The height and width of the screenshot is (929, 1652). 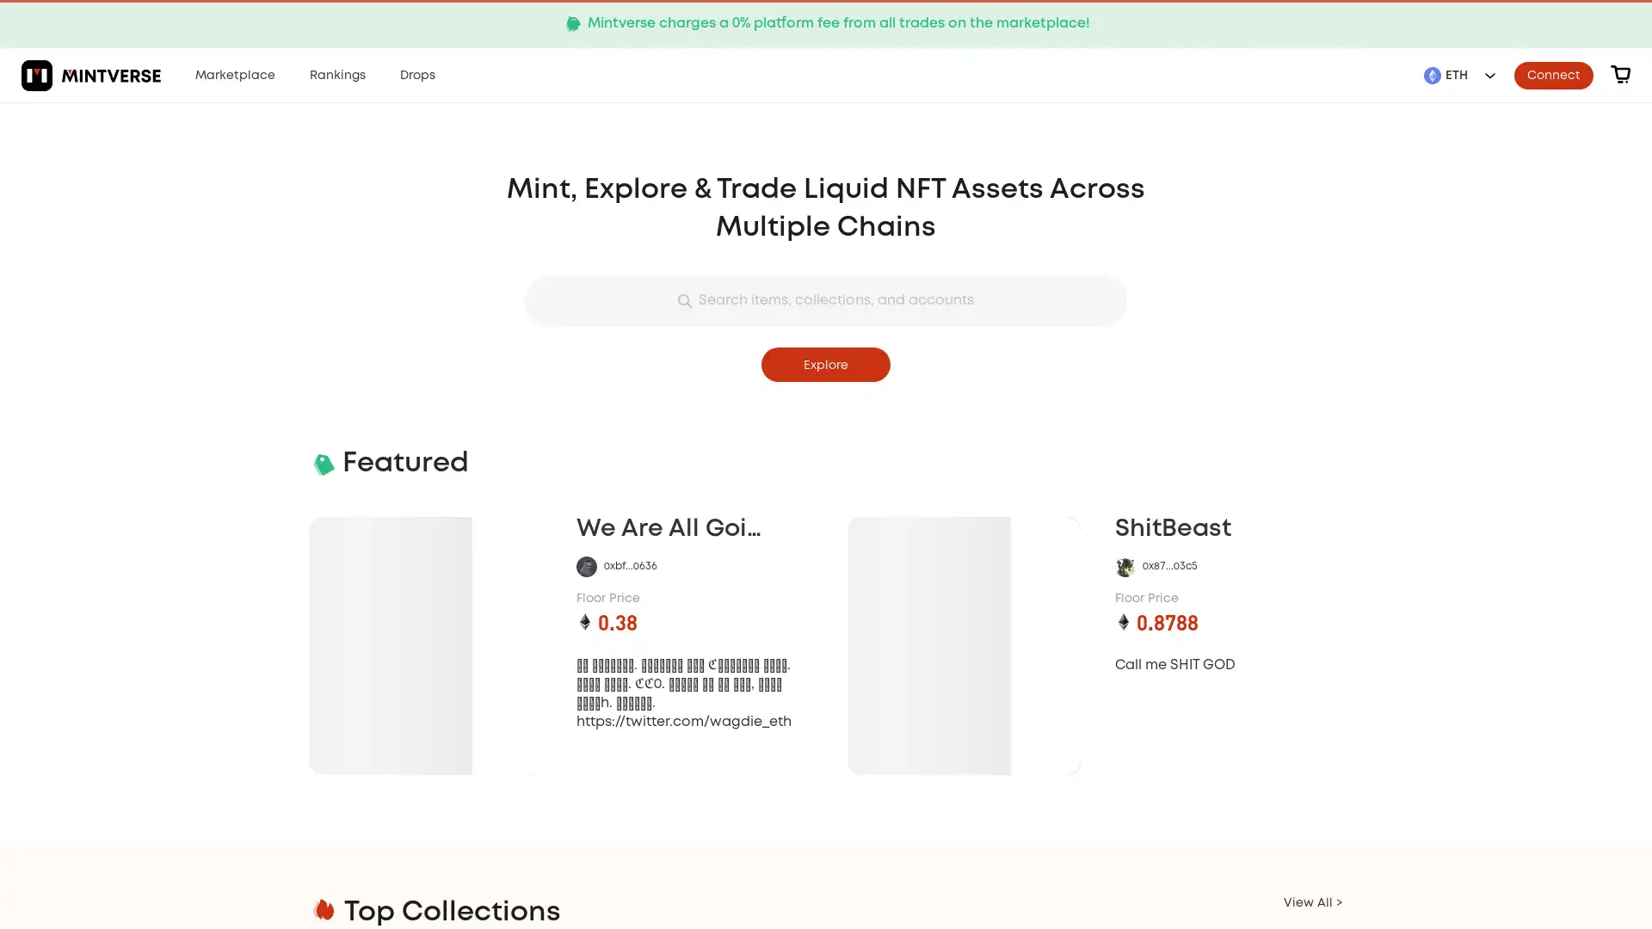 What do you see at coordinates (1553, 74) in the screenshot?
I see `Connect` at bounding box center [1553, 74].